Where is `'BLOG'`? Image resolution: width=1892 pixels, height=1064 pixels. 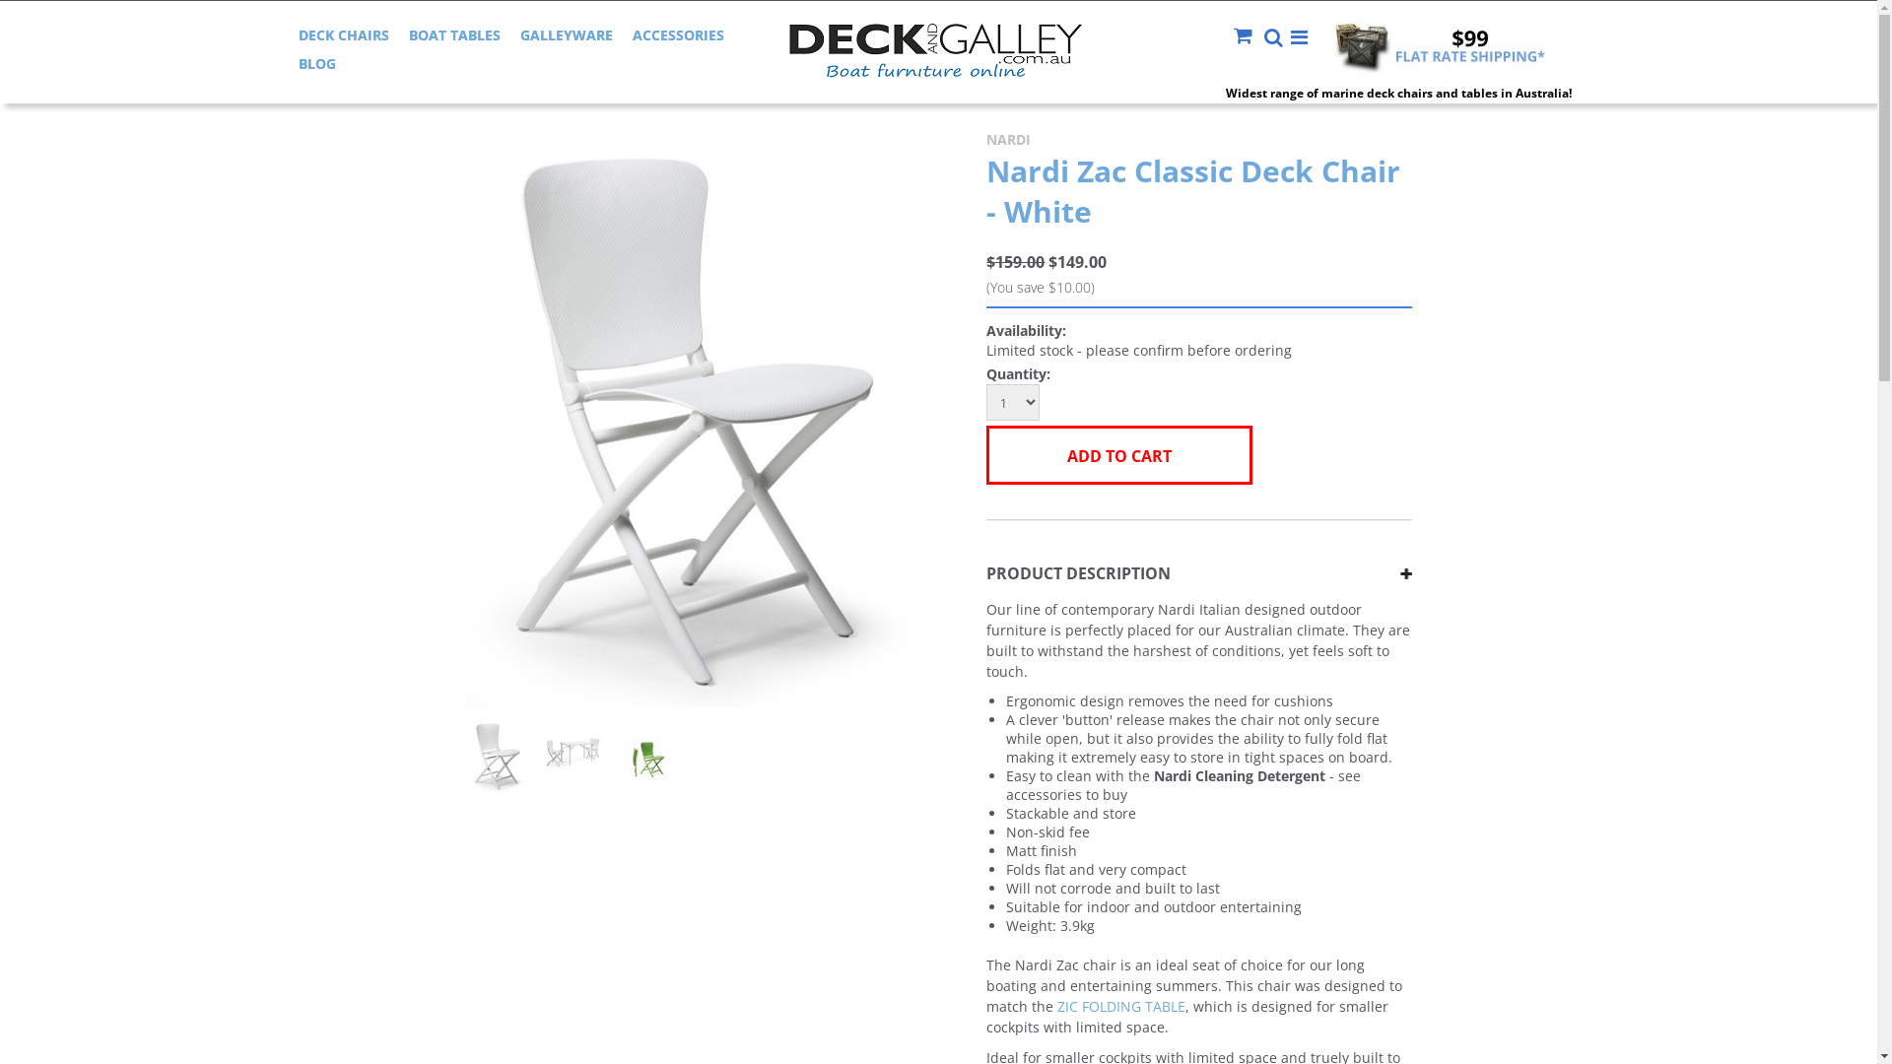 'BLOG' is located at coordinates (297, 62).